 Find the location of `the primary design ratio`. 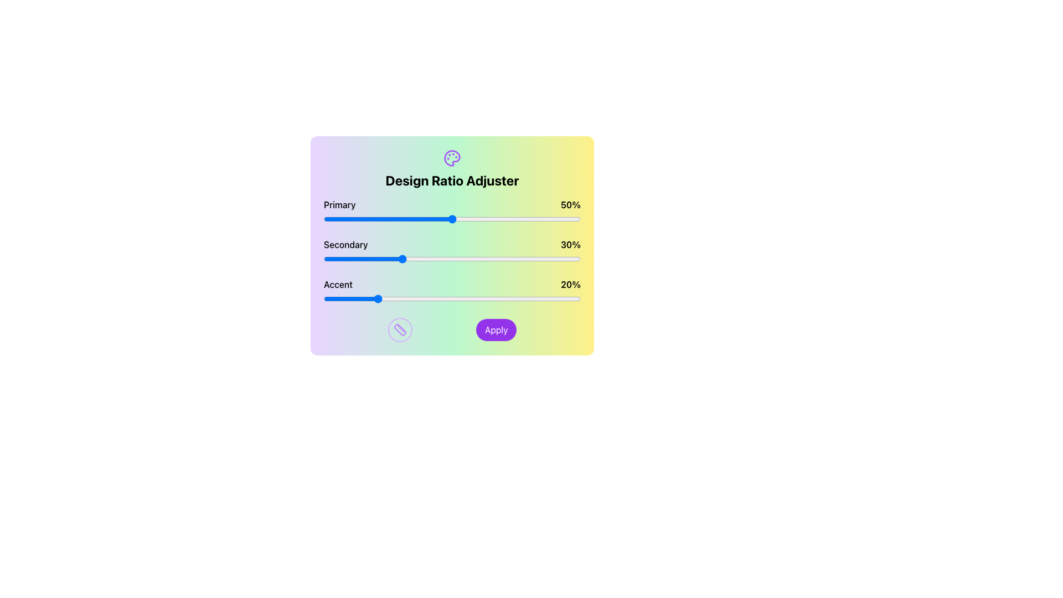

the primary design ratio is located at coordinates (457, 219).